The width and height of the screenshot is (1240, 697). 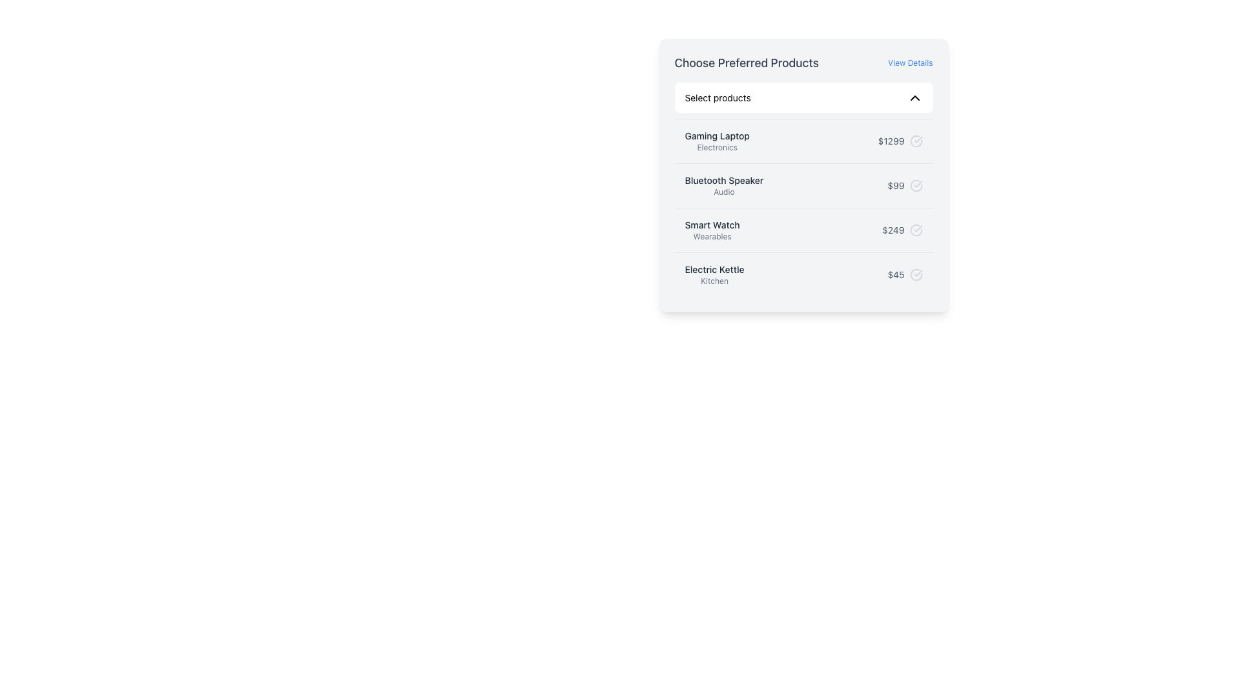 What do you see at coordinates (724, 181) in the screenshot?
I see `the Text Label displaying 'Bluetooth Speaker' in the 'Choose Preferred Products' list` at bounding box center [724, 181].